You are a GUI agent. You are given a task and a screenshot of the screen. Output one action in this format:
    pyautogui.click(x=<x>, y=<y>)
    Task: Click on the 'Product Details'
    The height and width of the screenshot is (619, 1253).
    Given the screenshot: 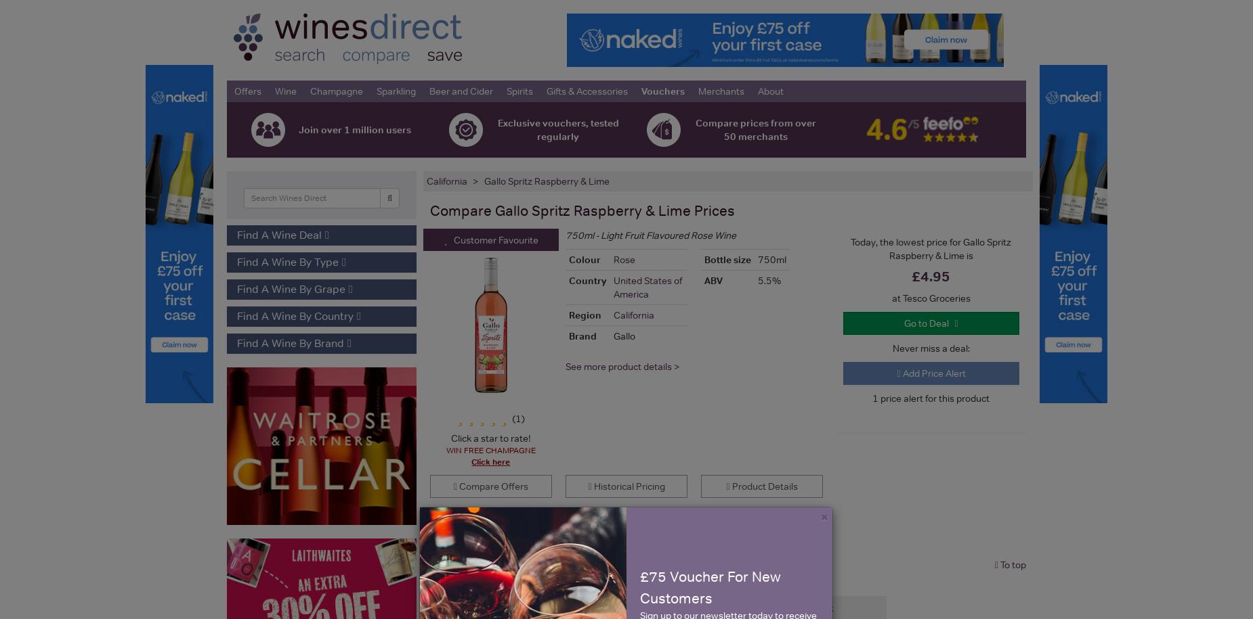 What is the action you would take?
    pyautogui.click(x=763, y=486)
    